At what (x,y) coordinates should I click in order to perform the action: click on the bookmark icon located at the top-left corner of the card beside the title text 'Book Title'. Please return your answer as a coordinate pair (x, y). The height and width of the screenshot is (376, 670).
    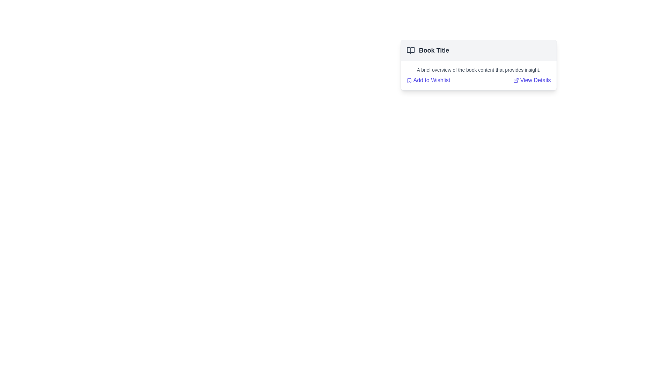
    Looking at the image, I should click on (409, 80).